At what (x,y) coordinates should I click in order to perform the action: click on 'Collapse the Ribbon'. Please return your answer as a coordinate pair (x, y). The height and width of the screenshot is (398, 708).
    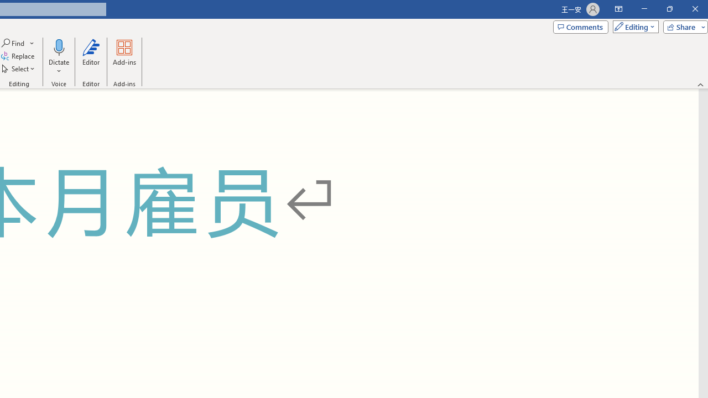
    Looking at the image, I should click on (700, 84).